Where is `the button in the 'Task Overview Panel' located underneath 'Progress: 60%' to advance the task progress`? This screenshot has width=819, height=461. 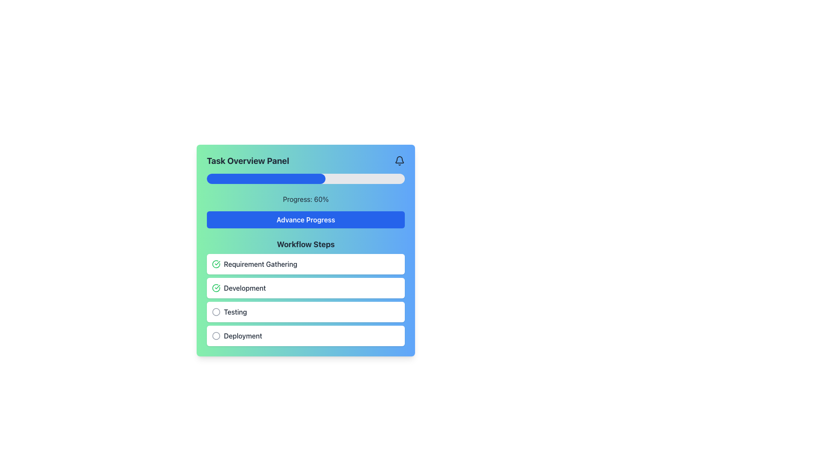 the button in the 'Task Overview Panel' located underneath 'Progress: 60%' to advance the task progress is located at coordinates (305, 219).